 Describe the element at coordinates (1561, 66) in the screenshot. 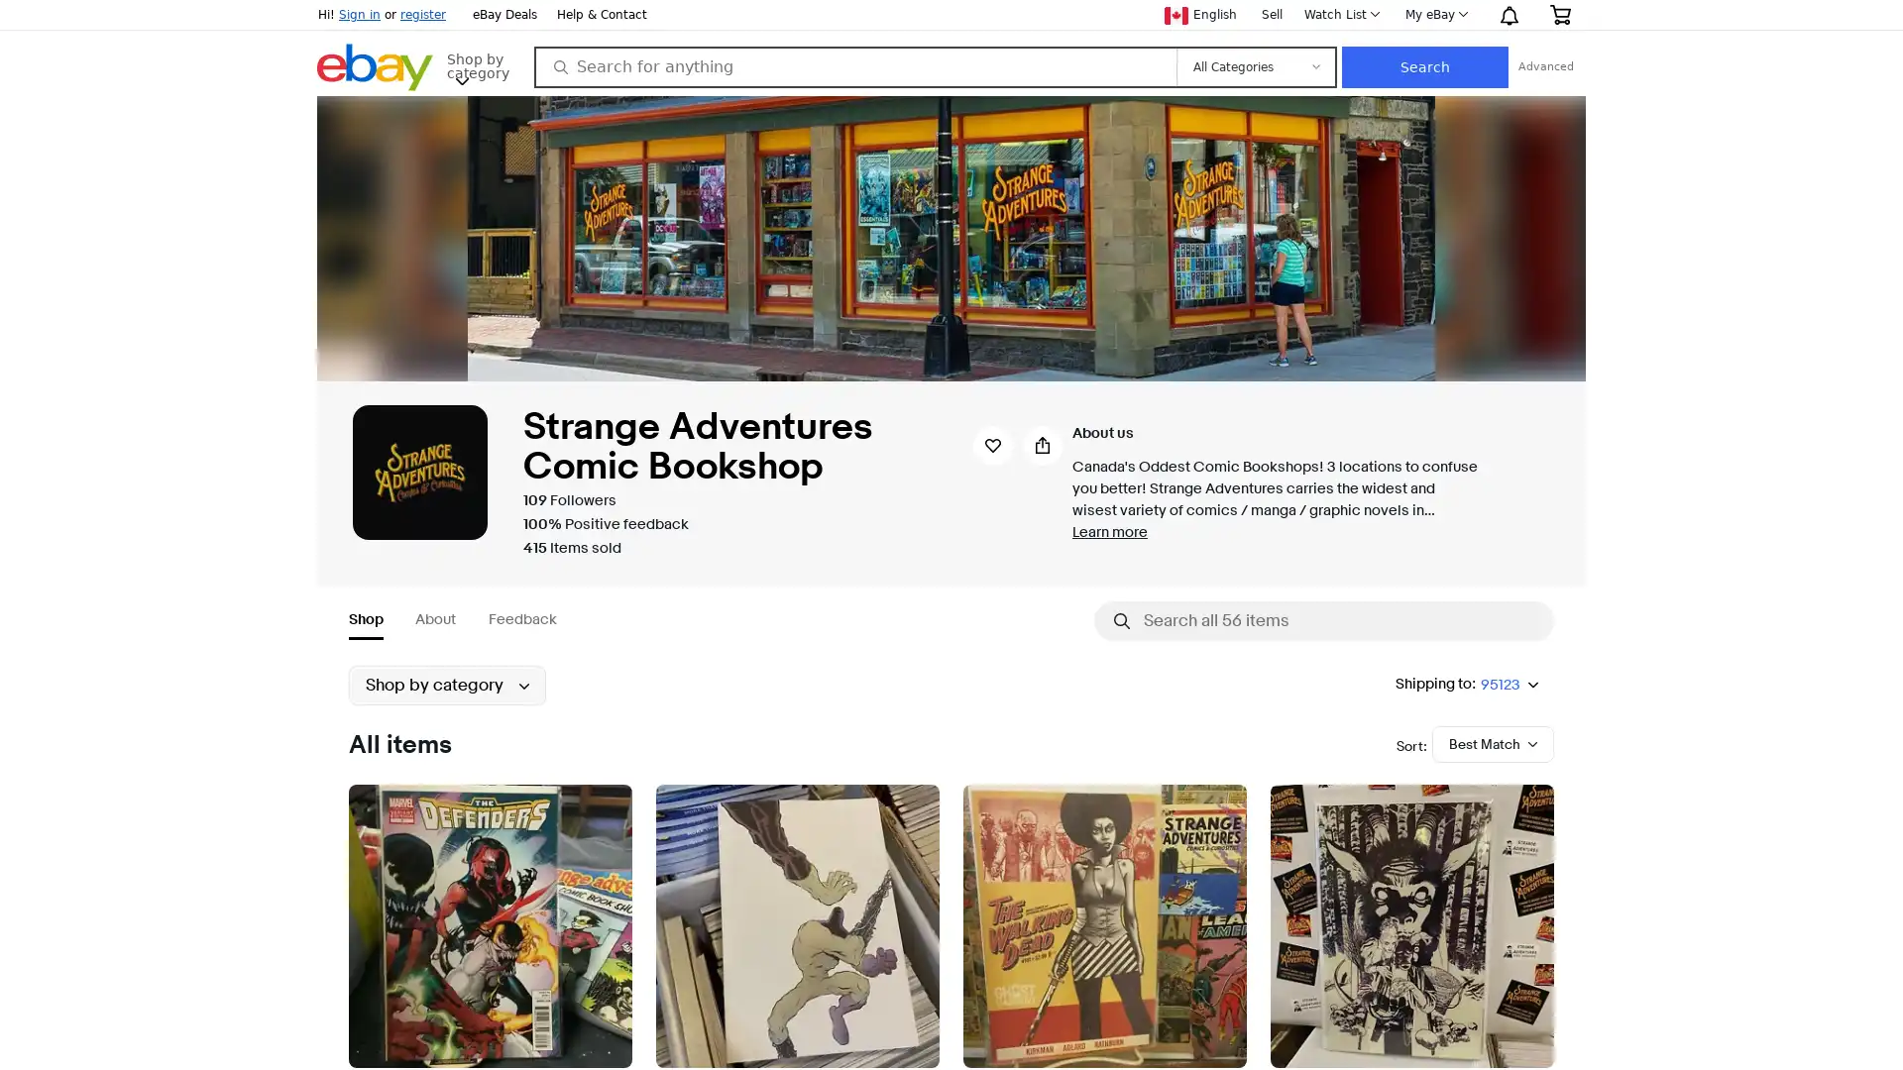

I see `Search` at that location.